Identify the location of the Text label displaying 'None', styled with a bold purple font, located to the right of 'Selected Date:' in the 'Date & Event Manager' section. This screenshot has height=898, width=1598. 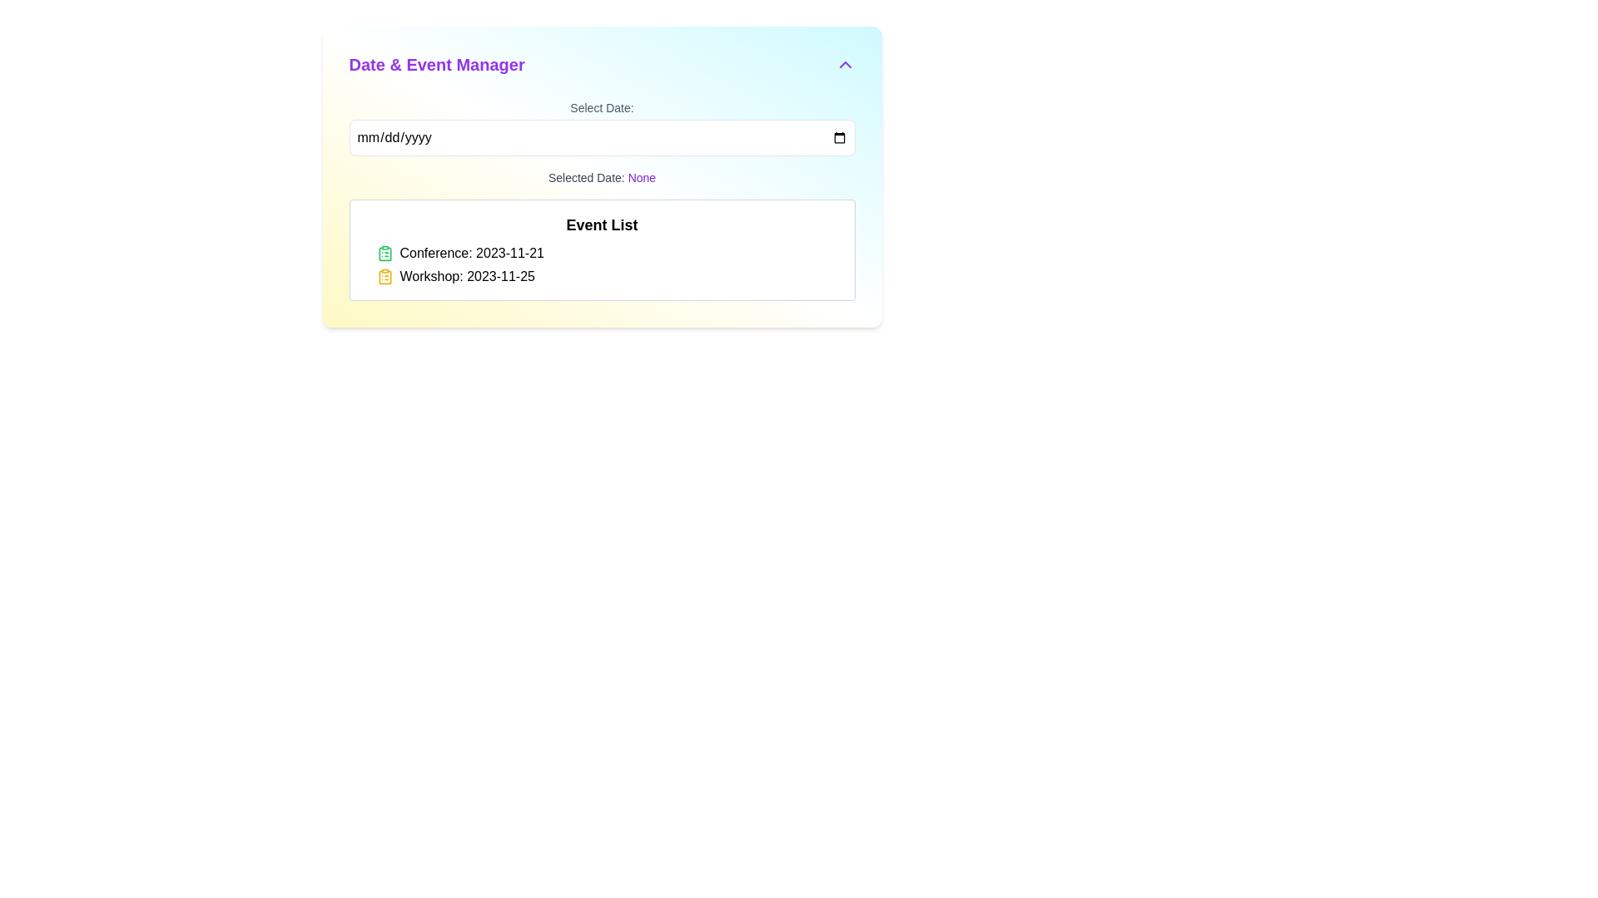
(641, 177).